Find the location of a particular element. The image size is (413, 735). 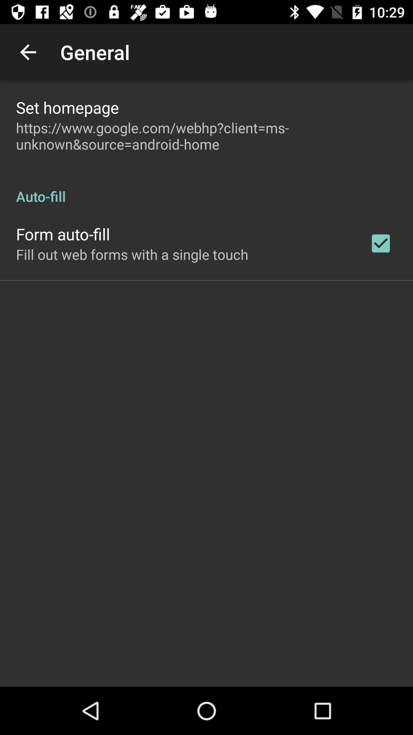

item next to fill out web item is located at coordinates (380, 243).